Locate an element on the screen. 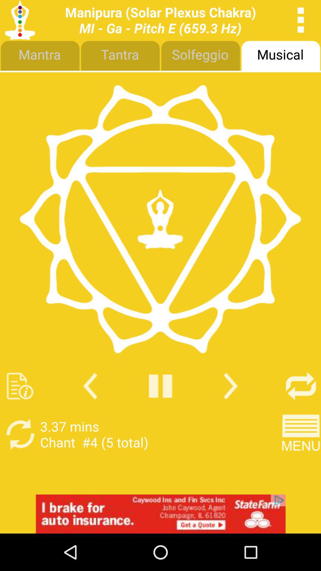  google advertisements is located at coordinates (160, 514).